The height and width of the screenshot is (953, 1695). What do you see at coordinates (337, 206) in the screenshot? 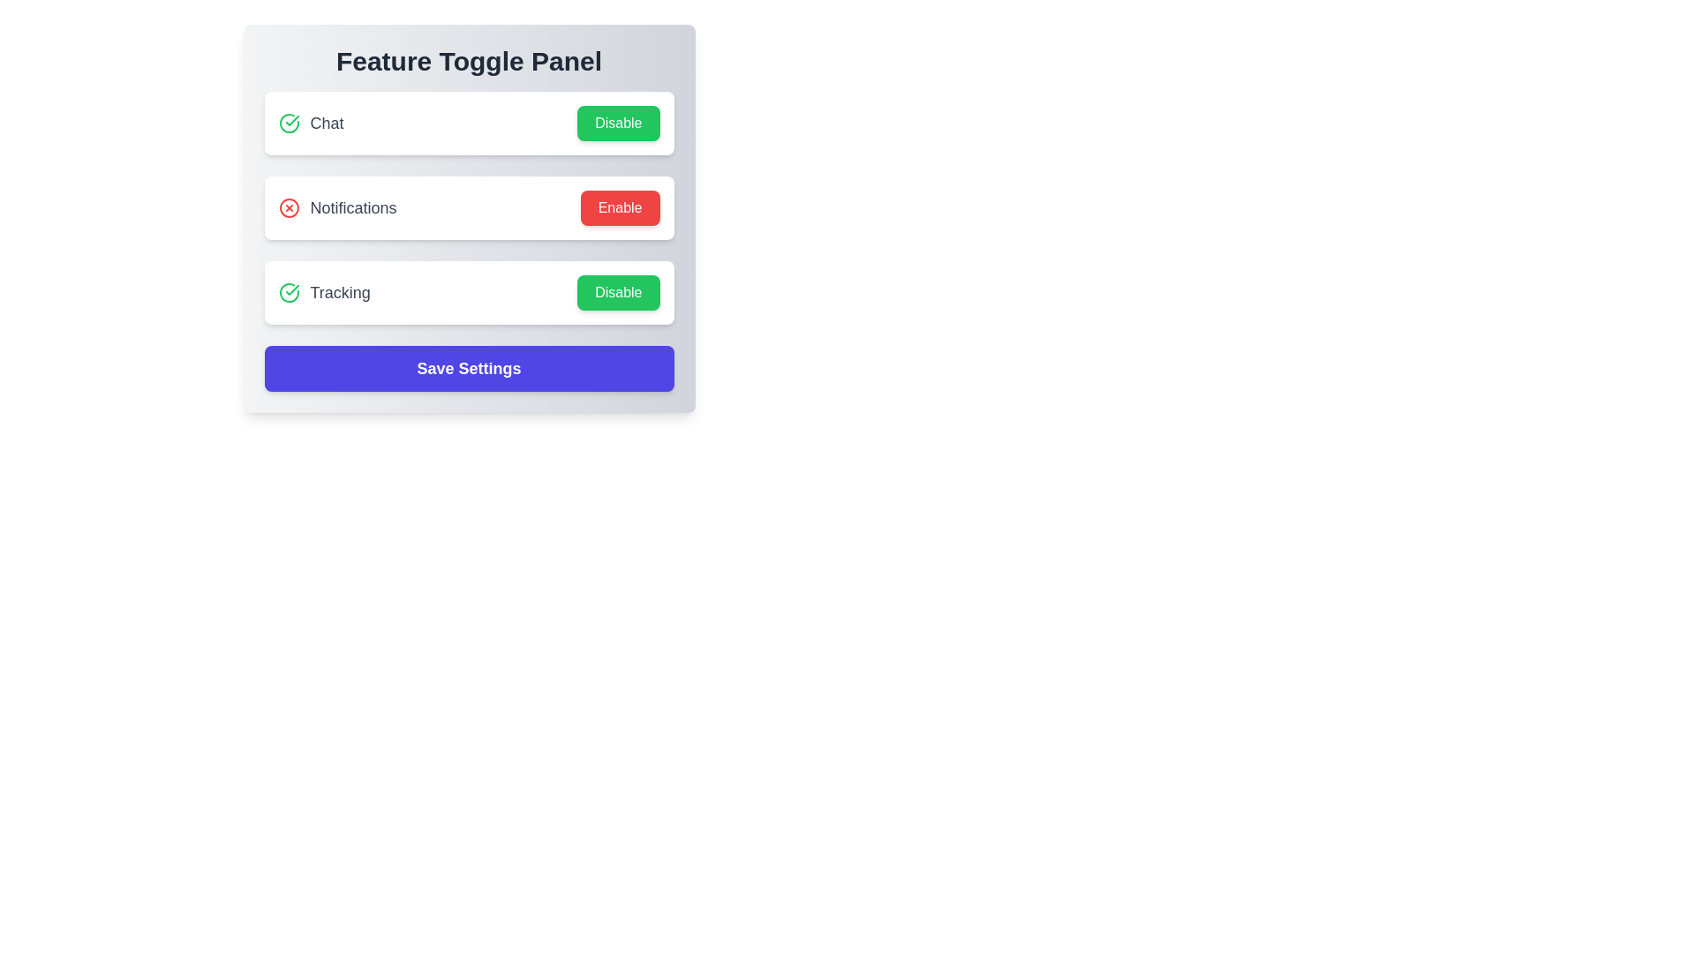
I see `the feature name notifications by double-clicking on it` at bounding box center [337, 206].